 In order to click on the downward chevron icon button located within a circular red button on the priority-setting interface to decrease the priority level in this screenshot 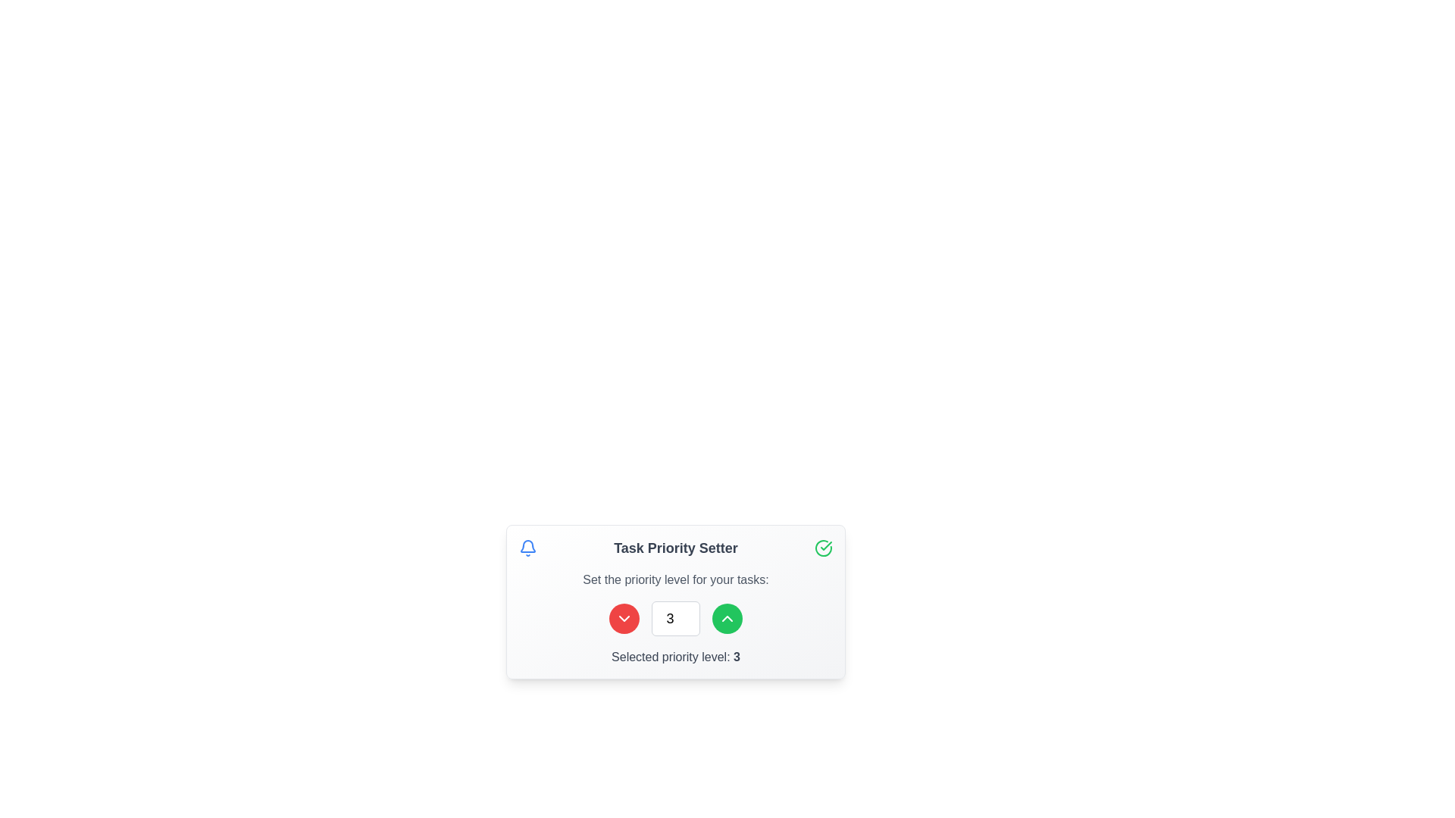, I will do `click(624, 619)`.